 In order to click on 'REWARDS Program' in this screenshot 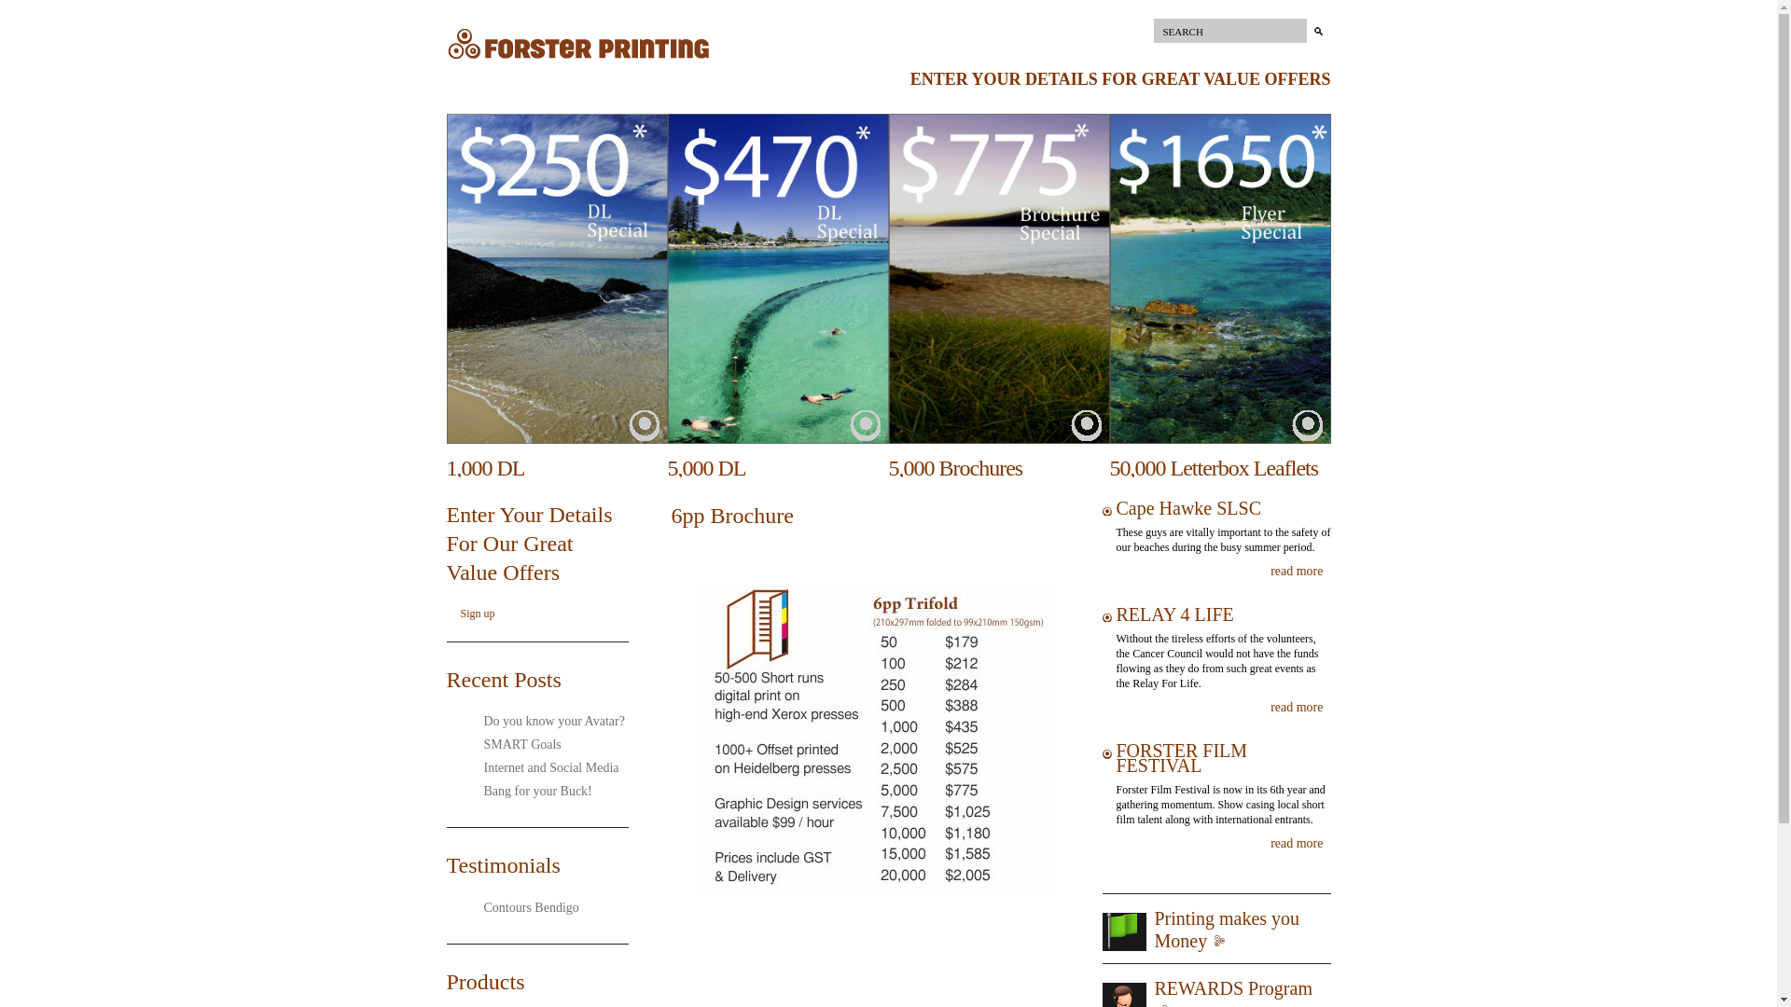, I will do `click(1233, 987)`.